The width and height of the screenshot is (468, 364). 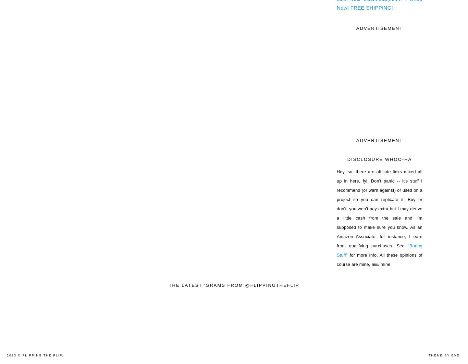 What do you see at coordinates (379, 259) in the screenshot?
I see `'for more info.  All these opinions of course are mine,'` at bounding box center [379, 259].